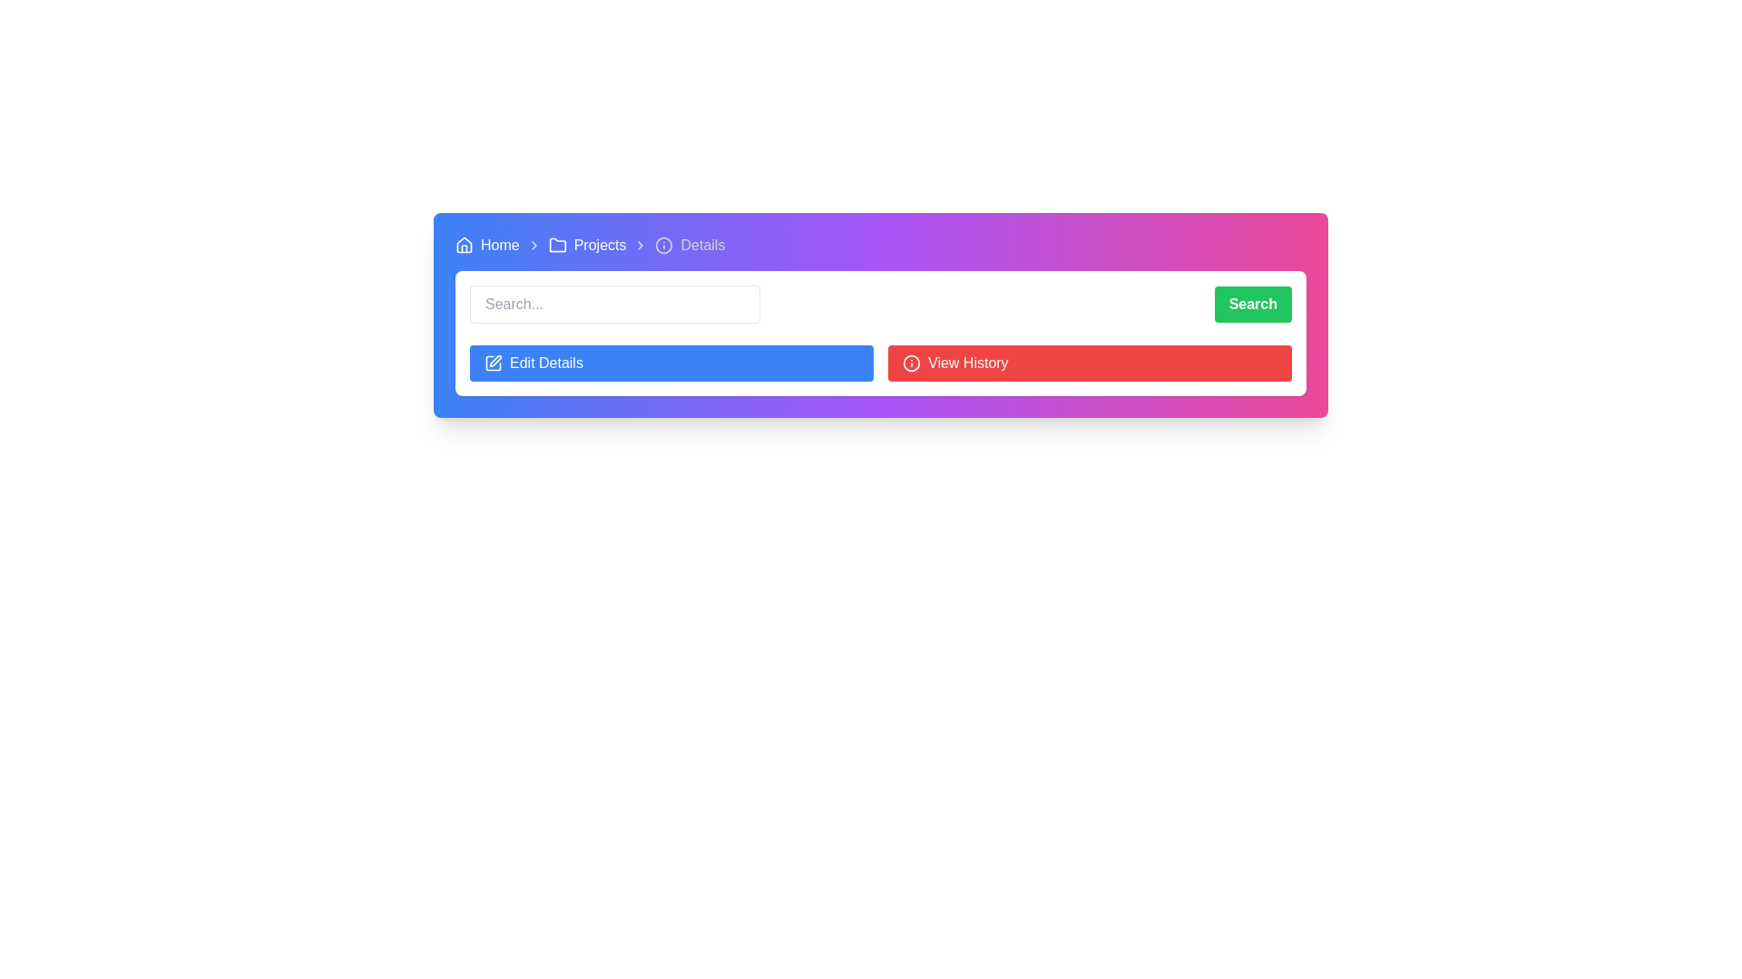 The width and height of the screenshot is (1742, 979). What do you see at coordinates (587, 245) in the screenshot?
I see `the 'Projects' interactive navigation link, which features a small folder icon followed by the text 'Projects'` at bounding box center [587, 245].